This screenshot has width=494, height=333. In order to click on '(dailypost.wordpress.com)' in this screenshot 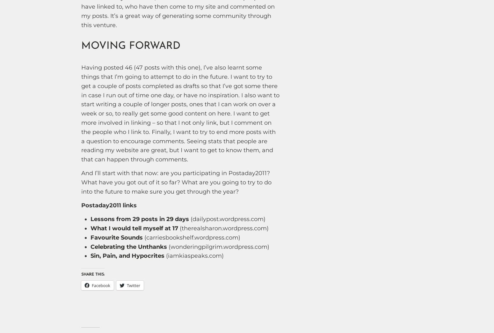, I will do `click(227, 219)`.